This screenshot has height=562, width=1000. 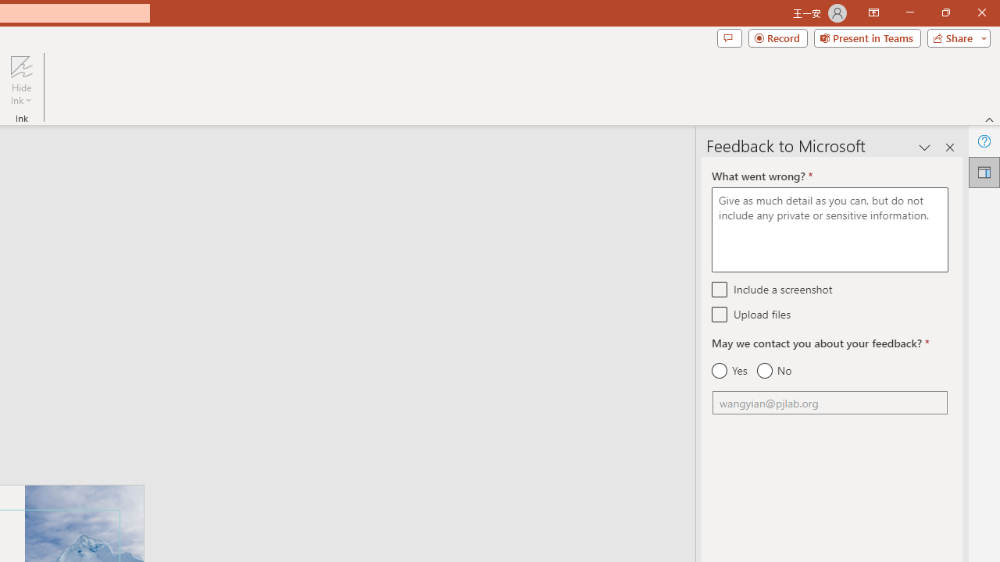 What do you see at coordinates (777, 37) in the screenshot?
I see `'Record'` at bounding box center [777, 37].